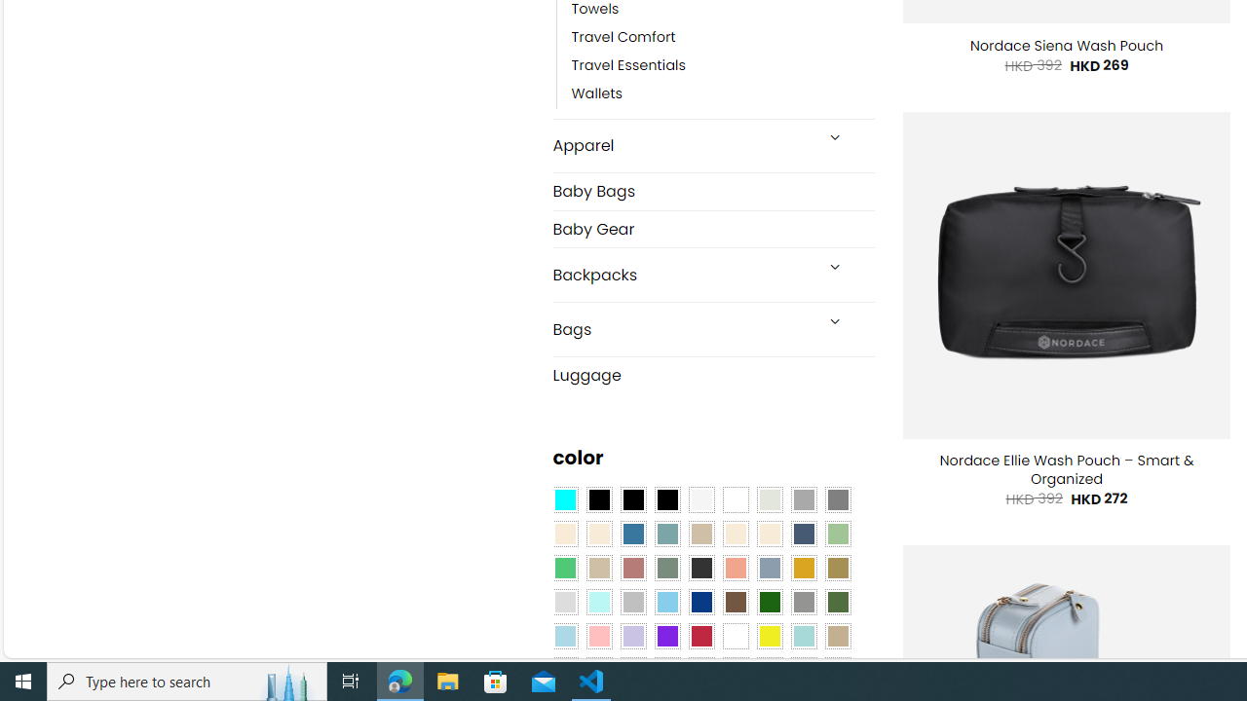 The image size is (1247, 701). Describe the element at coordinates (563, 636) in the screenshot. I see `'Light Blue'` at that location.